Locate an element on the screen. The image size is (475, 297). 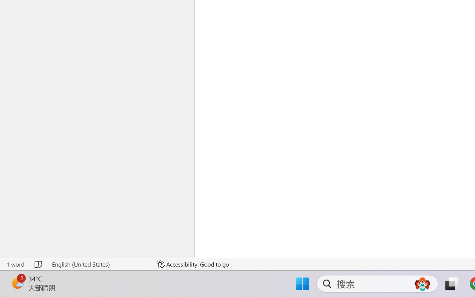
'Accessibility Checker Accessibility: Good to go' is located at coordinates (193, 264).